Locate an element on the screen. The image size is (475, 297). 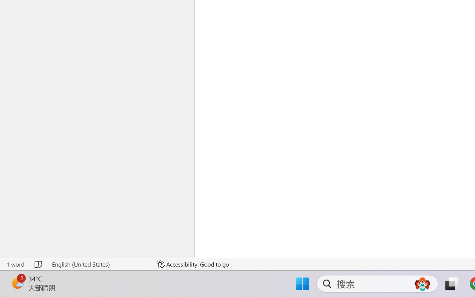
'Accessibility Checker Accessibility: Good to go' is located at coordinates (193, 264).